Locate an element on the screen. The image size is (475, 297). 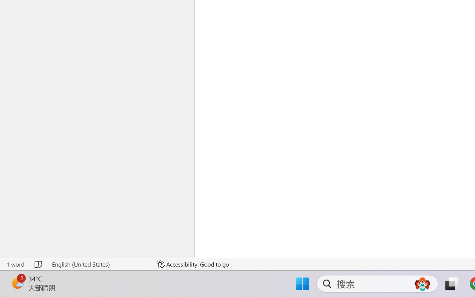
'Accessibility Checker Accessibility: Good to go' is located at coordinates (193, 264).